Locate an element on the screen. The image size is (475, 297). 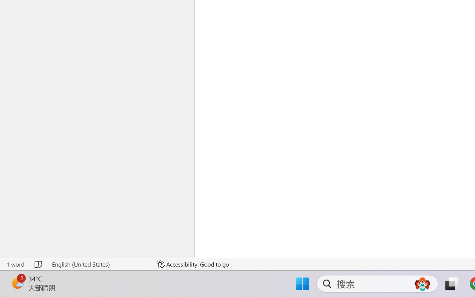
'Accessibility Checker Accessibility: Good to go' is located at coordinates (193, 264).